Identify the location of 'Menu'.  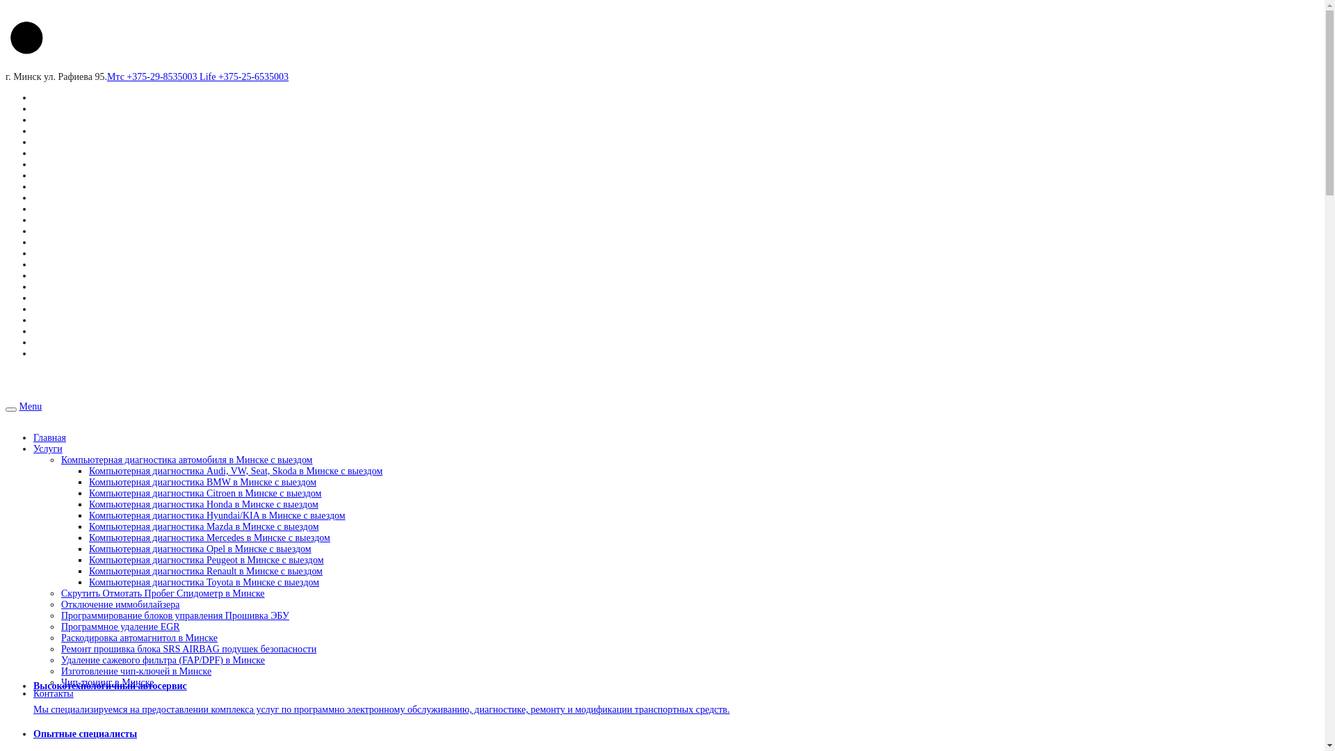
(31, 406).